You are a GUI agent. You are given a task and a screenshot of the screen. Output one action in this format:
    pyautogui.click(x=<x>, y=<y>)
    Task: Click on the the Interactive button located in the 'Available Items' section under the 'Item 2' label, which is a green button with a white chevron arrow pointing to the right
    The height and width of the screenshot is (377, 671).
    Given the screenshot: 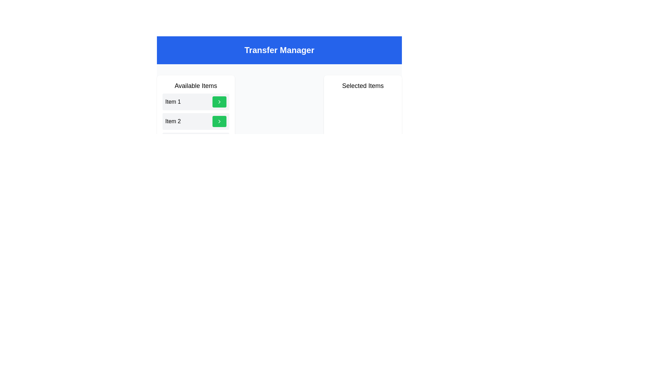 What is the action you would take?
    pyautogui.click(x=219, y=121)
    